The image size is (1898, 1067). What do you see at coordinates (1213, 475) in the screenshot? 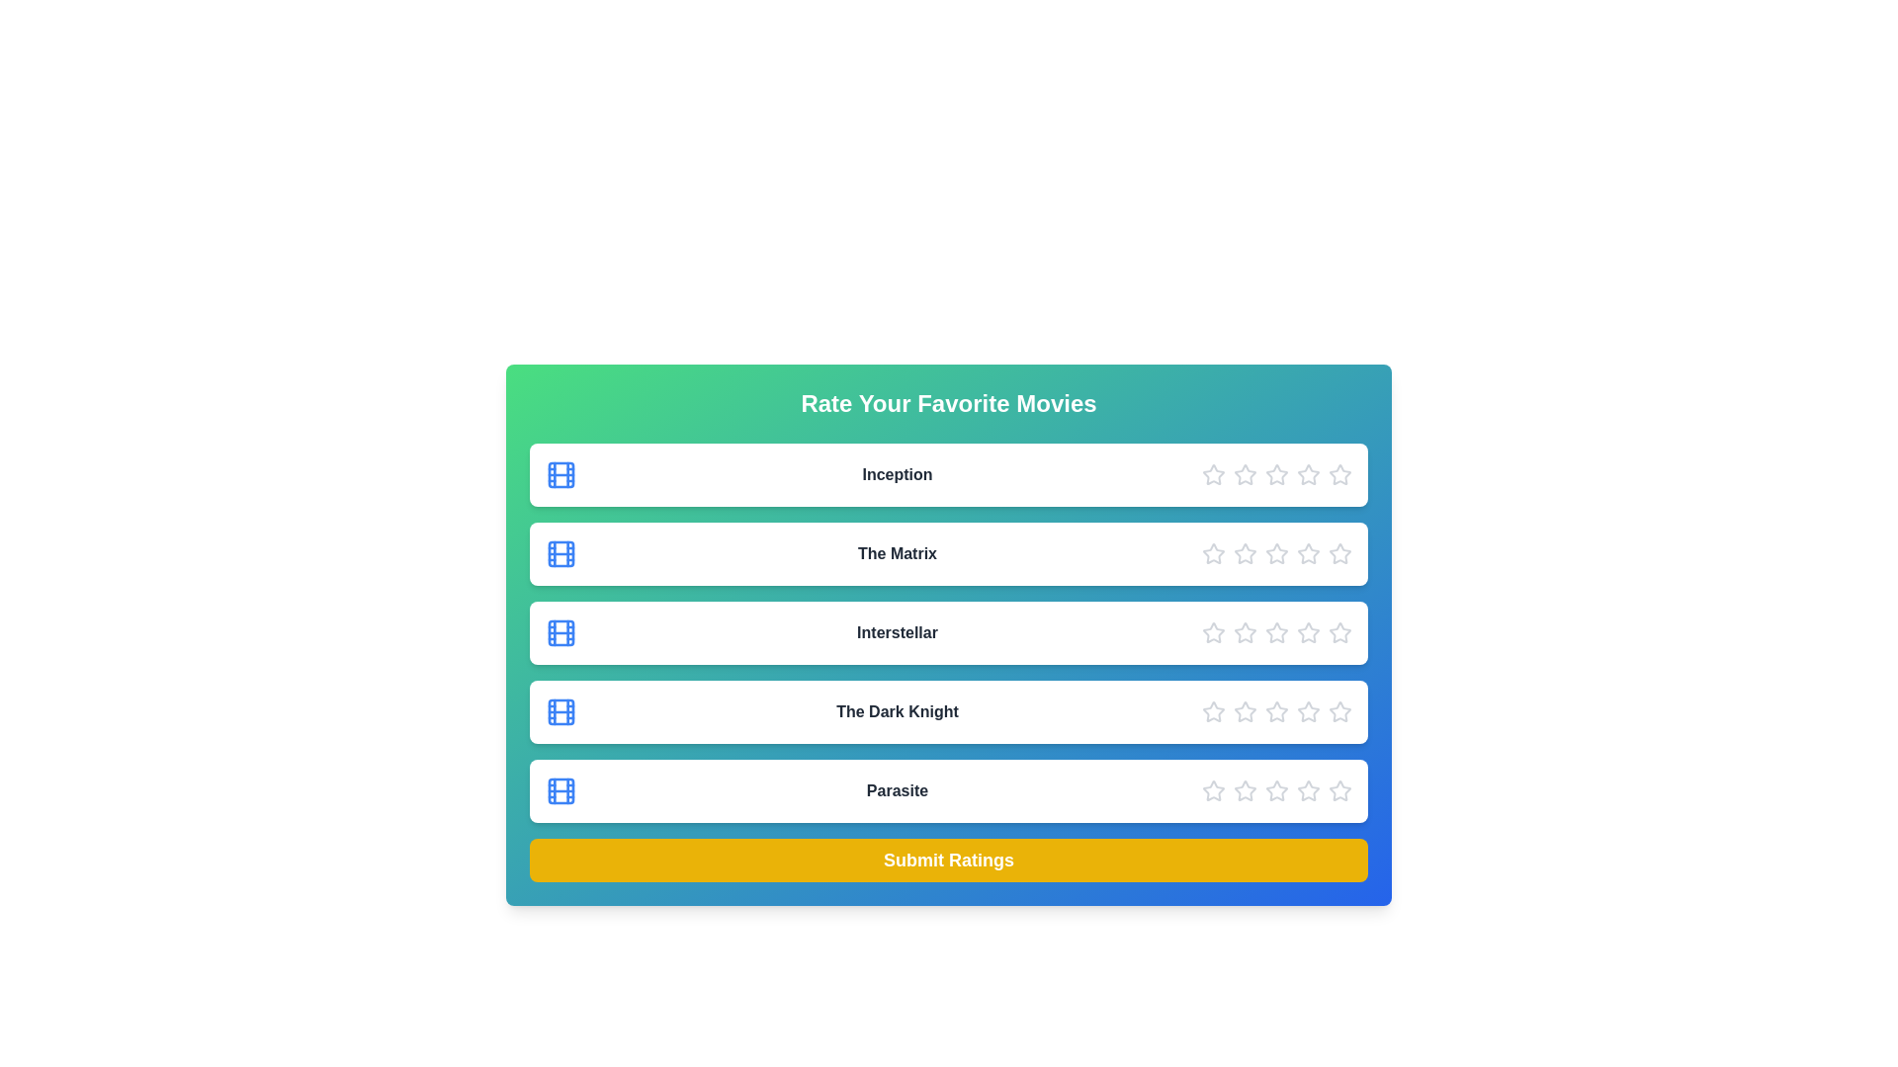
I see `the star corresponding to 1 to preview the rating` at bounding box center [1213, 475].